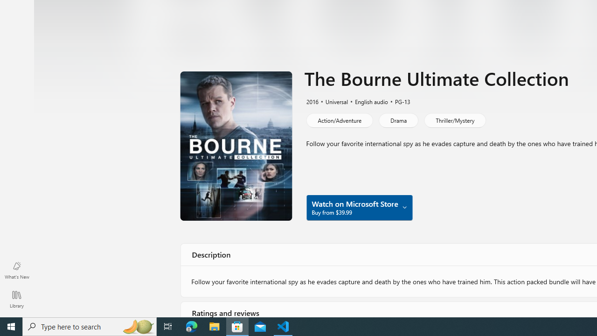  I want to click on 'PG-13', so click(398, 101).